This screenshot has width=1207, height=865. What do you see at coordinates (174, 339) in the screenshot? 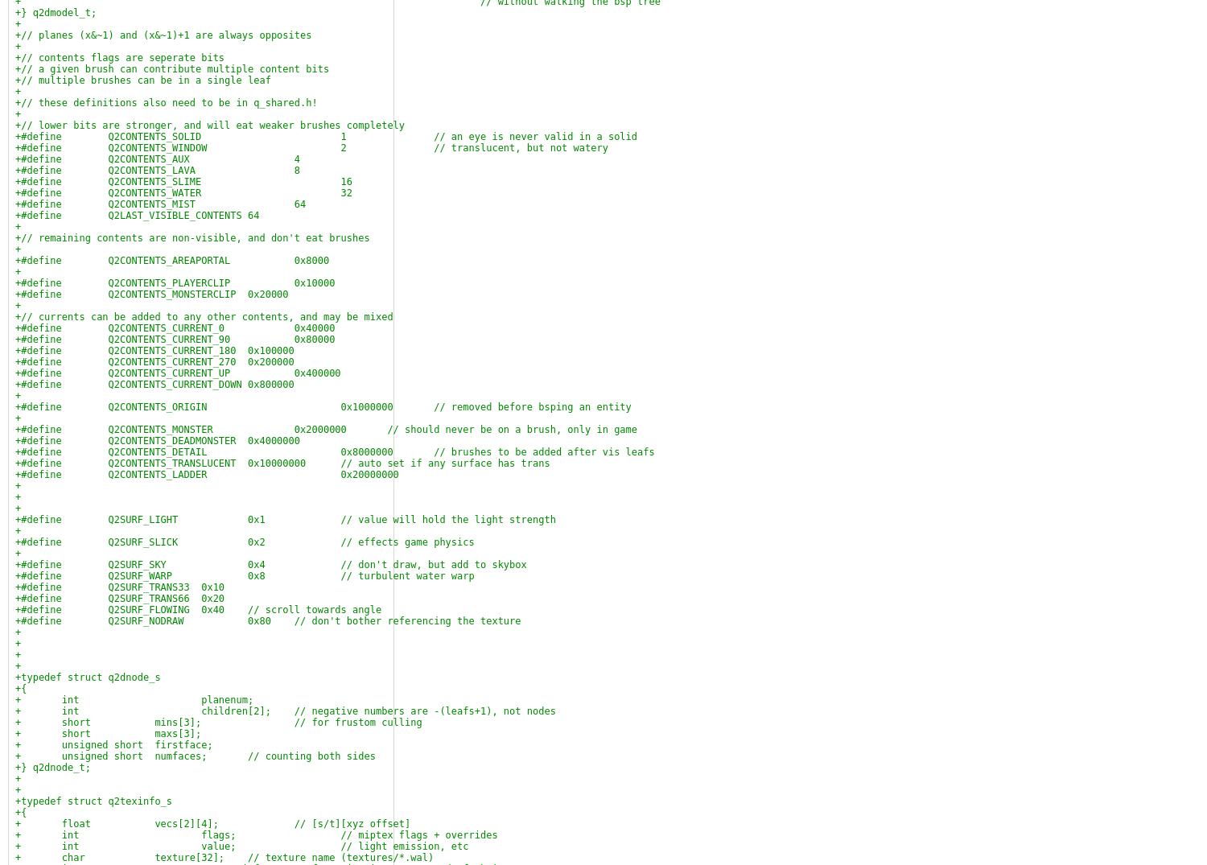
I see `'+#define        Q2CONTENTS_CURRENT_90           0x80000'` at bounding box center [174, 339].